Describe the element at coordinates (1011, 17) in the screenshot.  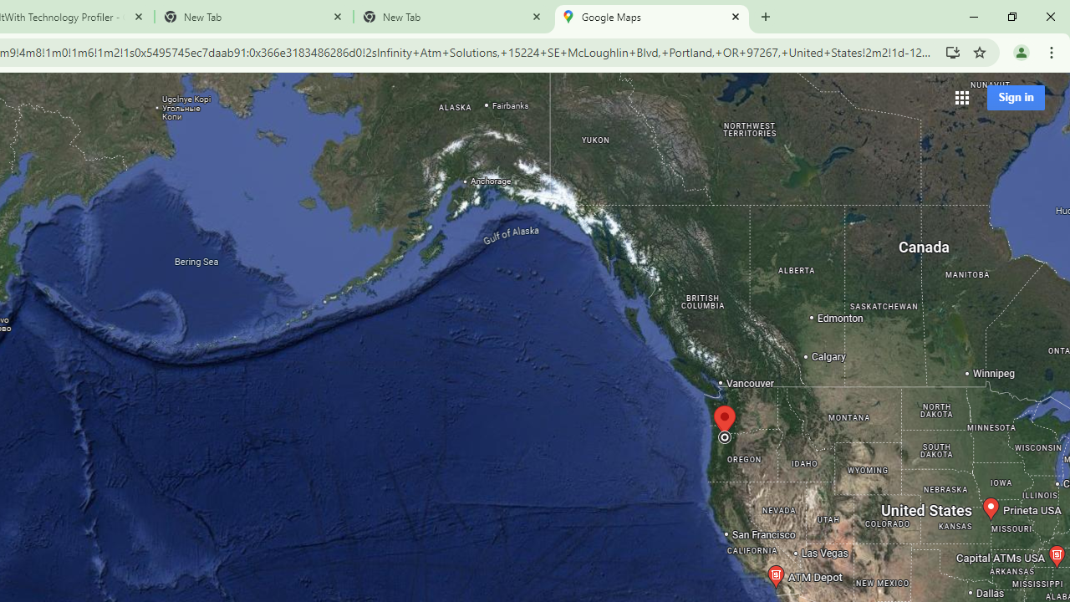
I see `'Restore'` at that location.